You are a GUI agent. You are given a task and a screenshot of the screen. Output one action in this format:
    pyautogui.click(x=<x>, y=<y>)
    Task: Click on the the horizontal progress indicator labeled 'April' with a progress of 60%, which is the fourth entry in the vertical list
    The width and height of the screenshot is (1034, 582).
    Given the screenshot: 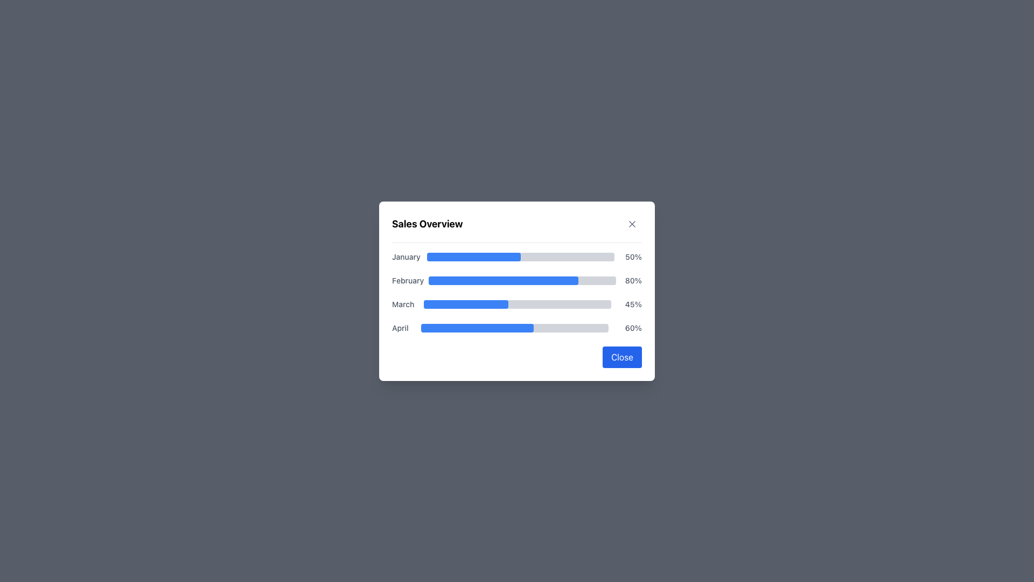 What is the action you would take?
    pyautogui.click(x=517, y=327)
    